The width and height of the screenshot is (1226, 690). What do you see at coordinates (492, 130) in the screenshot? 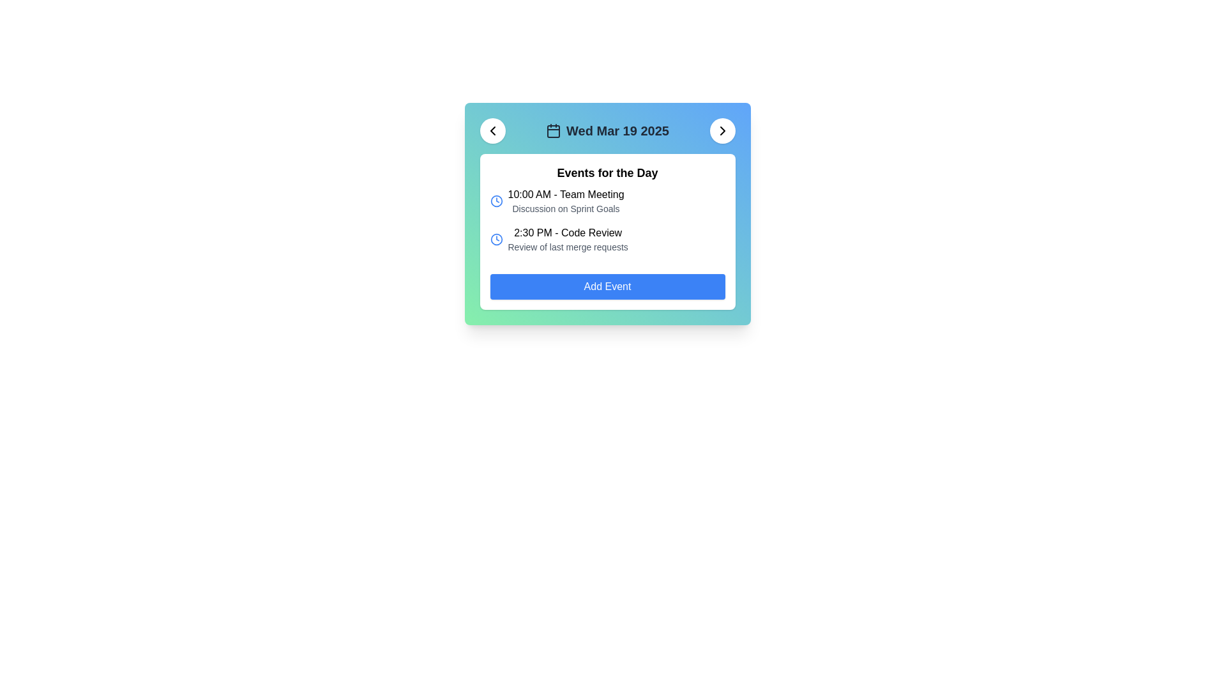
I see `the circular button located at the top-left corner of the calendar popup interface, which serves as a navigational button to go to the previous page or section` at bounding box center [492, 130].